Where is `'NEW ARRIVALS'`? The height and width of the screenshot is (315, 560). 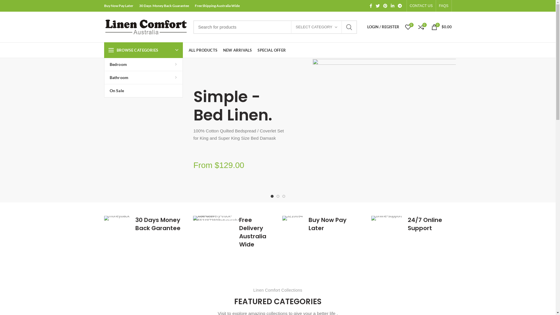
'NEW ARRIVALS' is located at coordinates (237, 50).